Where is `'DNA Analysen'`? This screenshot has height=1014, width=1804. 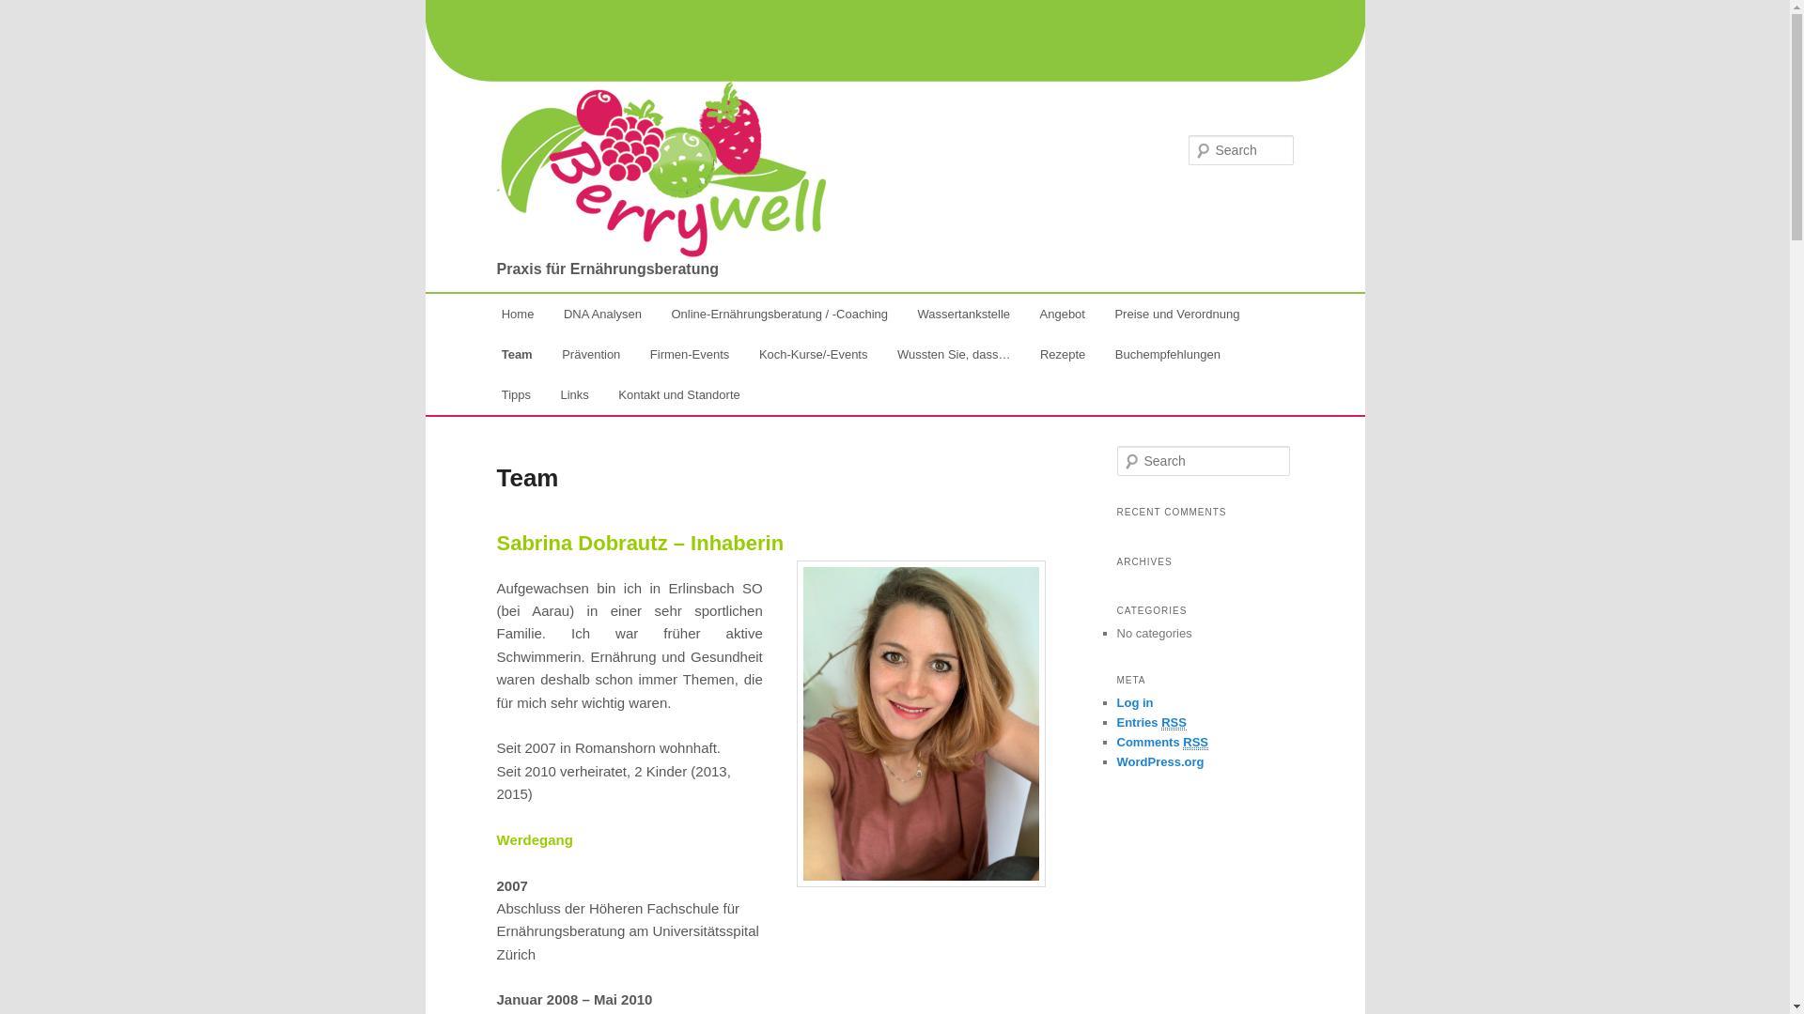 'DNA Analysen' is located at coordinates (602, 312).